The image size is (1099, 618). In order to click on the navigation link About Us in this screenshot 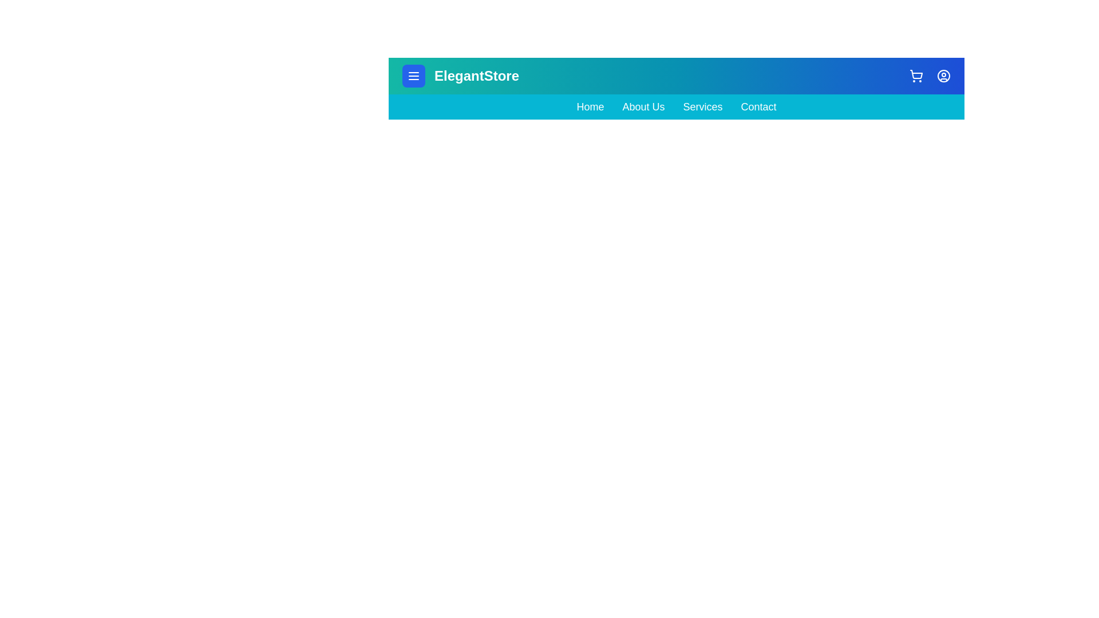, I will do `click(643, 106)`.